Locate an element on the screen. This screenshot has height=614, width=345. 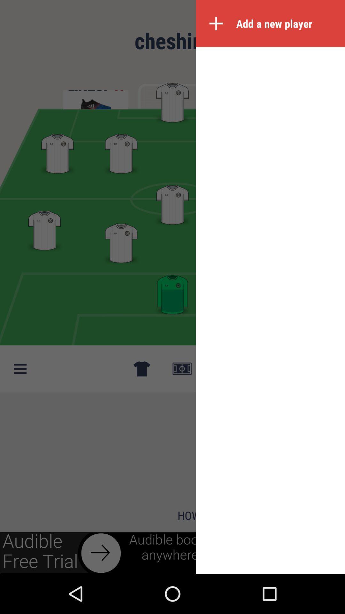
the menu icon is located at coordinates (19, 369).